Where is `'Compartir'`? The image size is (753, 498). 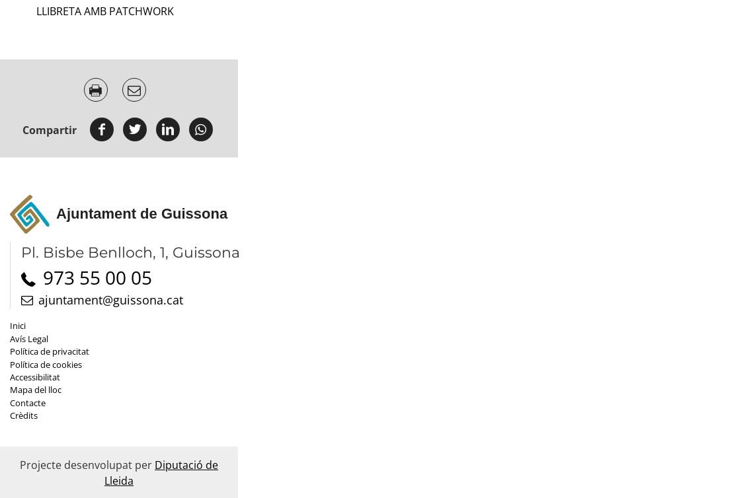
'Compartir' is located at coordinates (48, 129).